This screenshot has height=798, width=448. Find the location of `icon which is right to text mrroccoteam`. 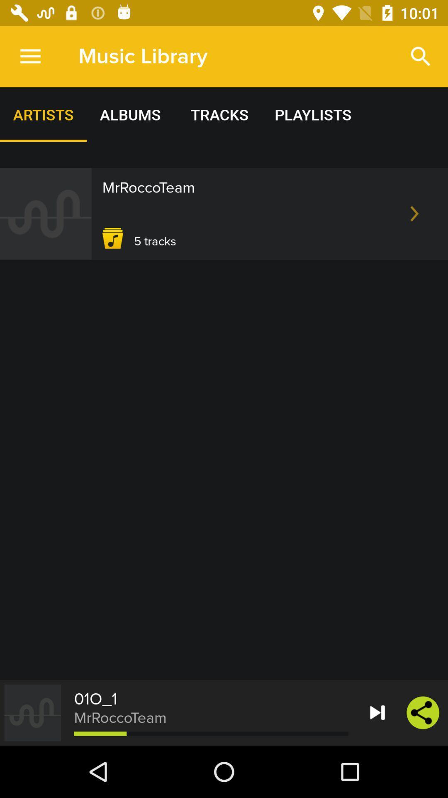

icon which is right to text mrroccoteam is located at coordinates (414, 214).